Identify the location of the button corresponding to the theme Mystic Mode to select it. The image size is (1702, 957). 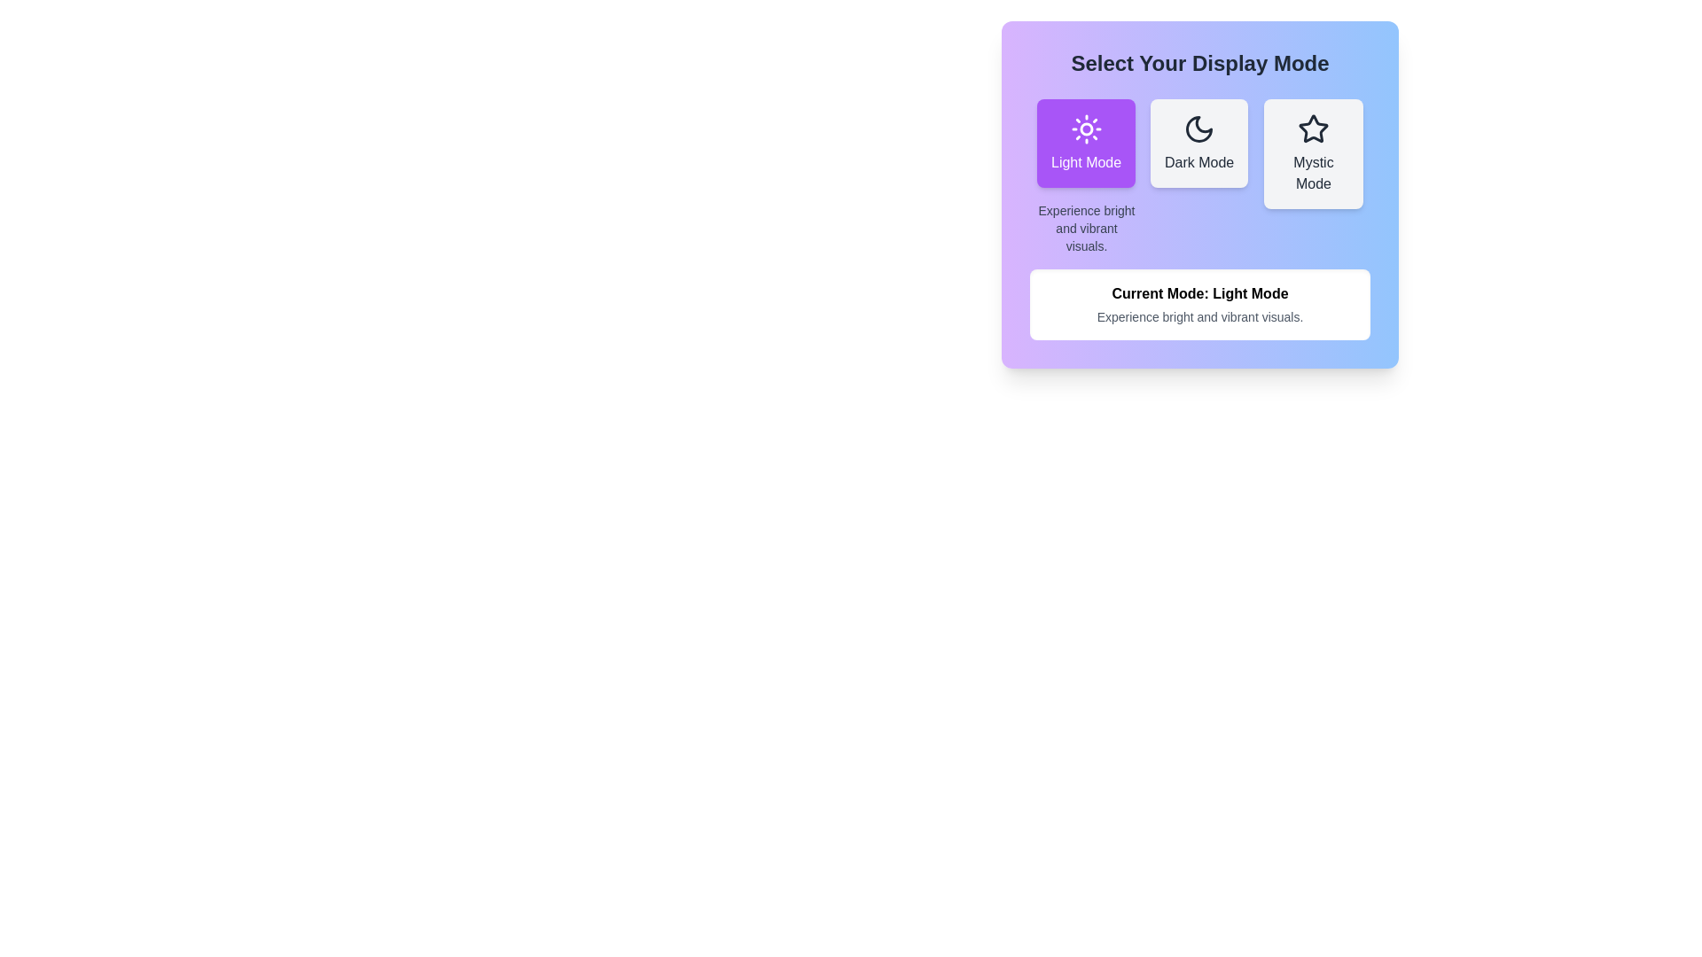
(1314, 152).